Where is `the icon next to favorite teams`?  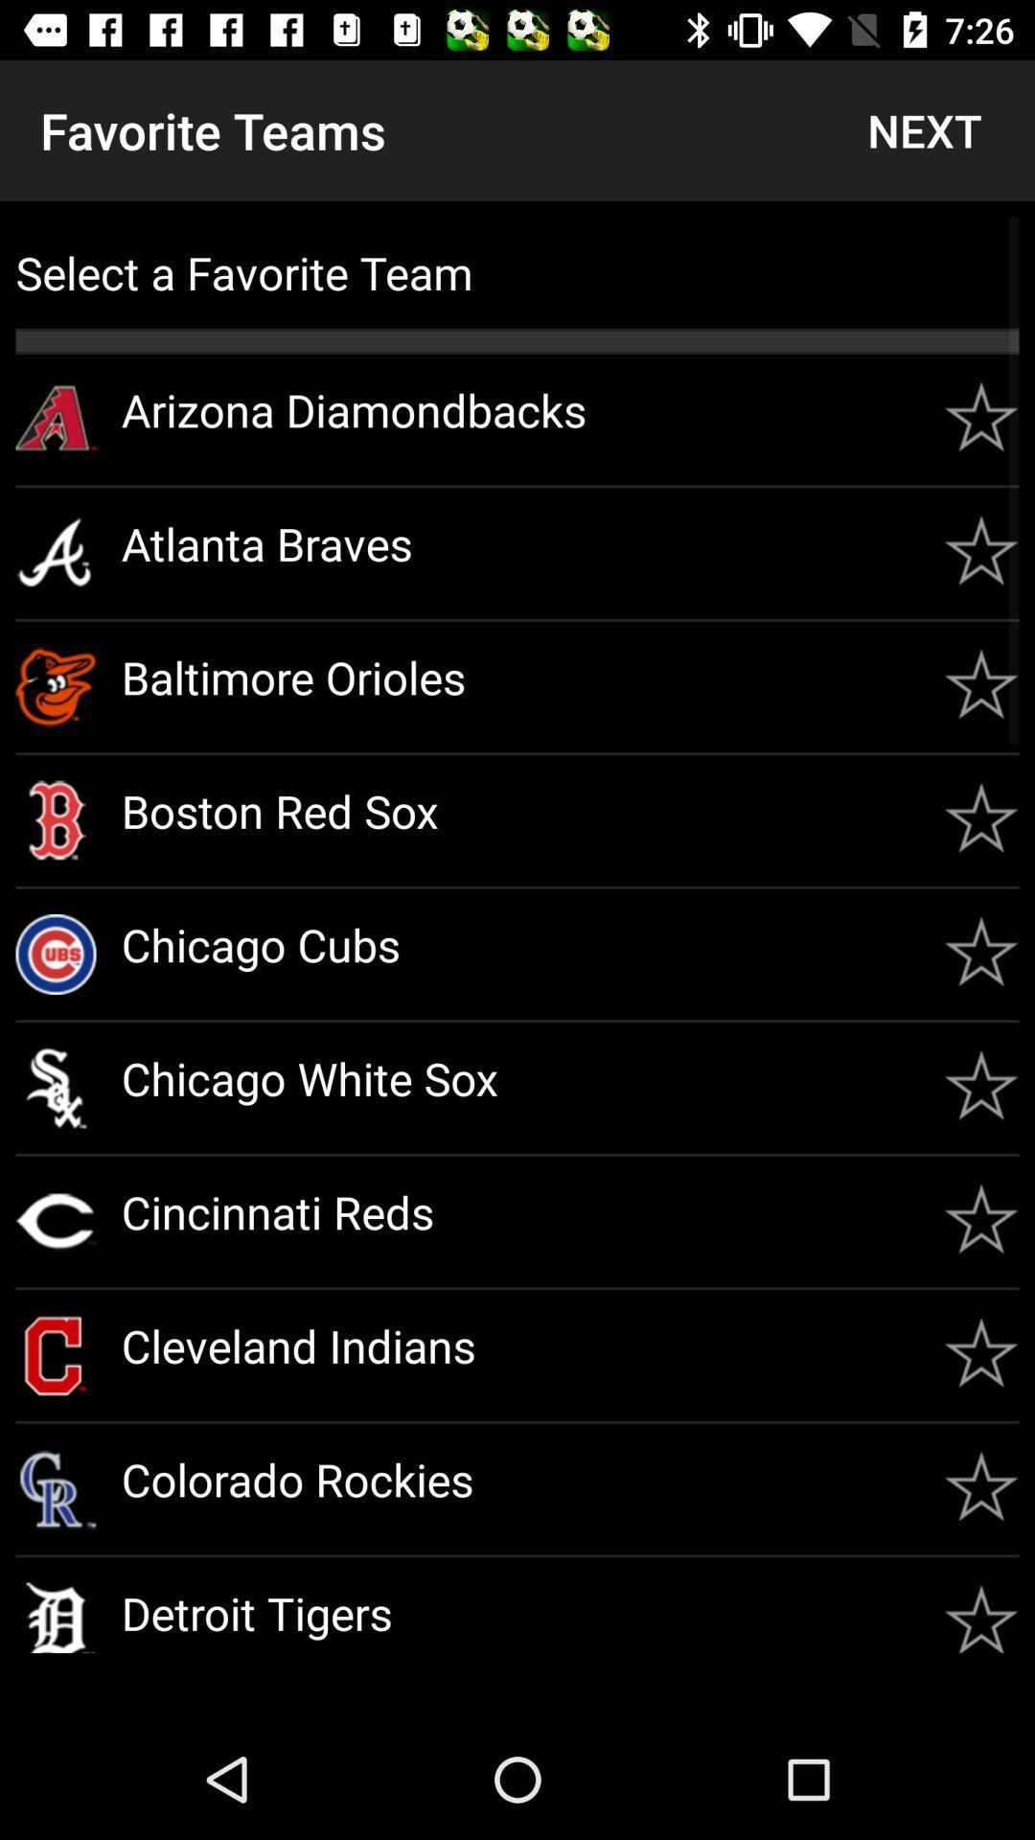 the icon next to favorite teams is located at coordinates (923, 129).